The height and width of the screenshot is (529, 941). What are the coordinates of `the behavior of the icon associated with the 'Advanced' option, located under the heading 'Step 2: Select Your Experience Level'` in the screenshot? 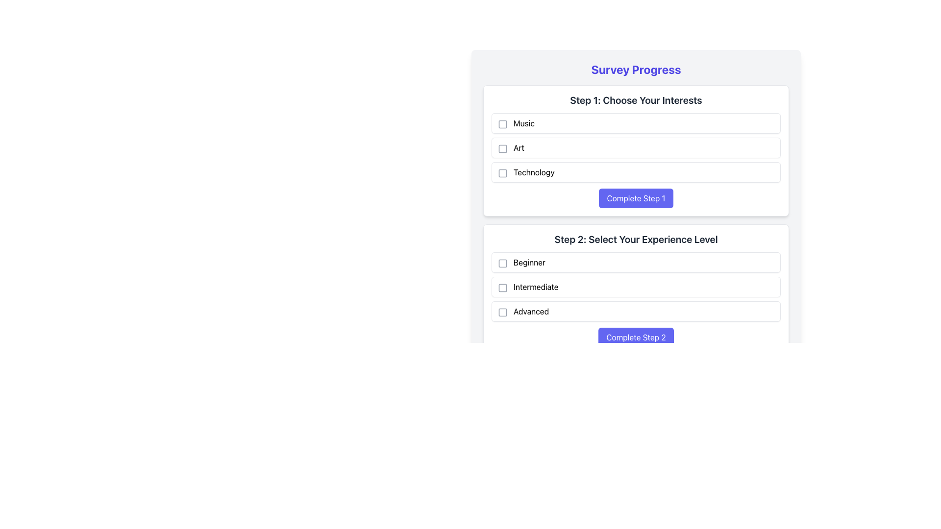 It's located at (503, 312).